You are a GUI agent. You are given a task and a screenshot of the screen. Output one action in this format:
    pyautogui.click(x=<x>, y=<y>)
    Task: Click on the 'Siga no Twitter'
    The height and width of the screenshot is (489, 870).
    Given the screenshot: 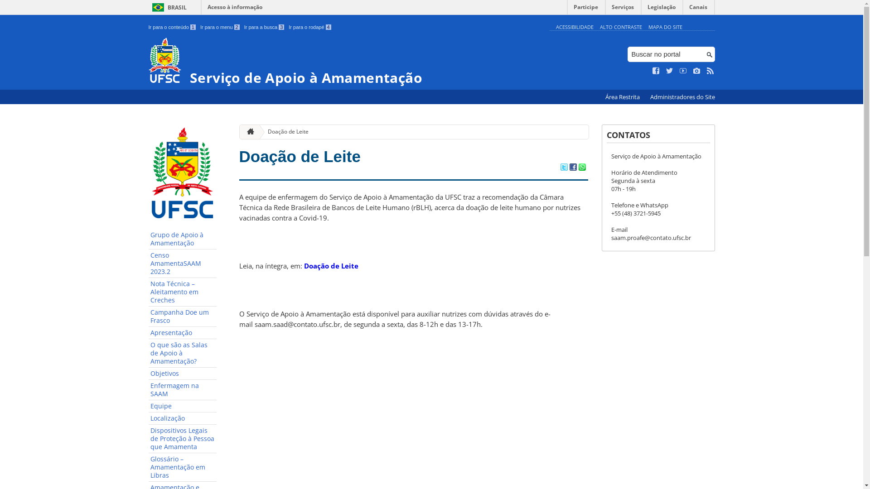 What is the action you would take?
    pyautogui.click(x=666, y=71)
    